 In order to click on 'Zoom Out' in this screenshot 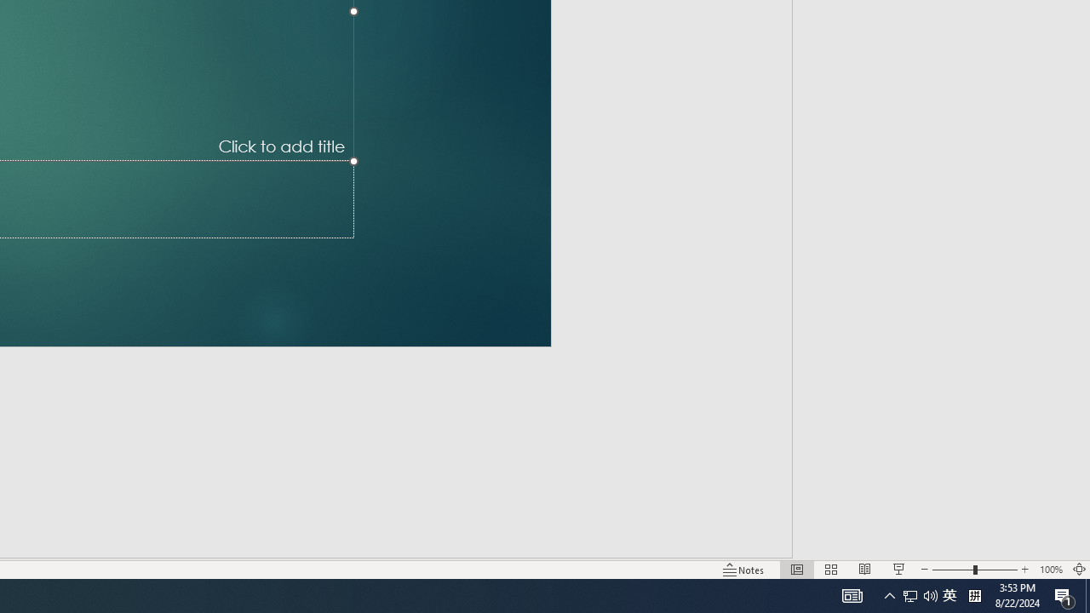, I will do `click(951, 570)`.